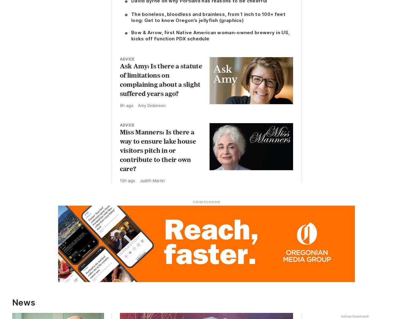  I want to click on '10h ago', so click(127, 181).